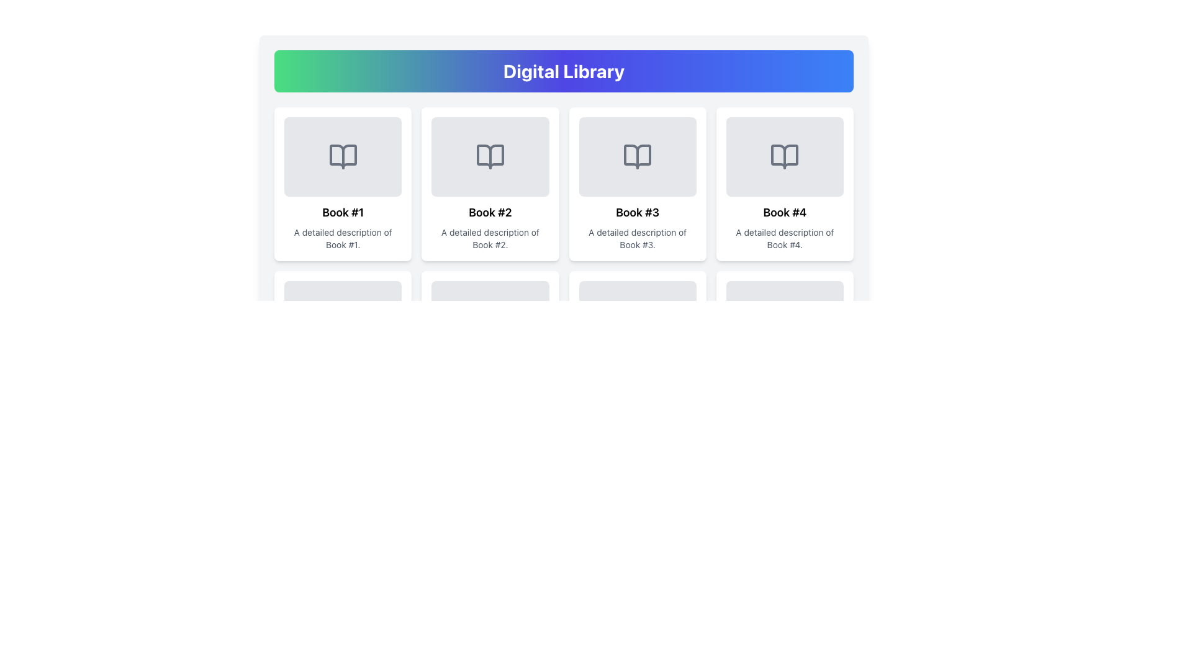 This screenshot has height=670, width=1192. What do you see at coordinates (784, 156) in the screenshot?
I see `the stylized vector graphic icon of an open book located in the fourth tile of the top row in the digital library interface, labeled 'Book #4'` at bounding box center [784, 156].